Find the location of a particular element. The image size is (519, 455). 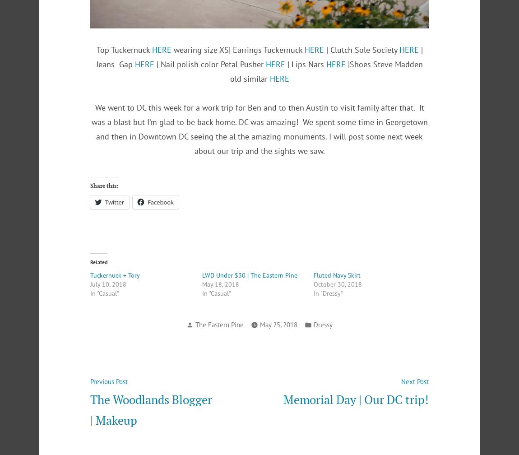

'| Nail polish color Petal Pusher' is located at coordinates (154, 64).